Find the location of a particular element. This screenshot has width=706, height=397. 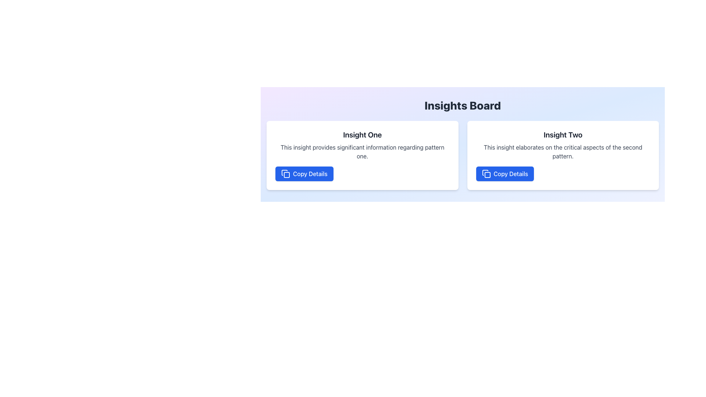

the static text label stating 'This insight provides significant information regarding pattern one.' which is located below the heading 'Insight One' and above the blue button labeled 'Copy Details' is located at coordinates (362, 151).